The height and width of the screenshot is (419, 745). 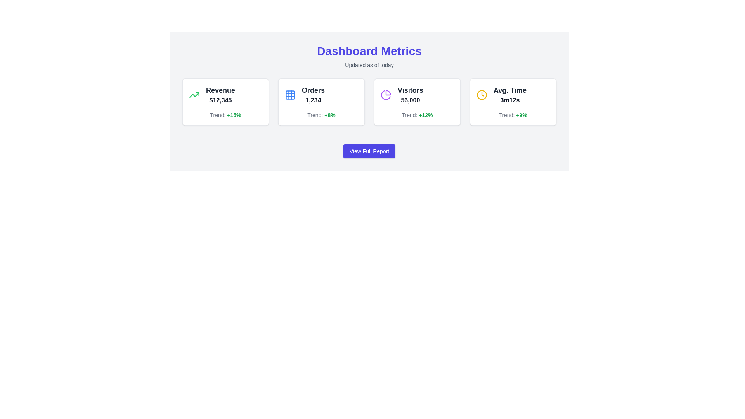 What do you see at coordinates (330, 115) in the screenshot?
I see `the text indicating an 8% increase in the 'Orders' metric, which is located in the 'Orders' card component below the numerical count 1,234, prefixed by the label 'Trend:'` at bounding box center [330, 115].